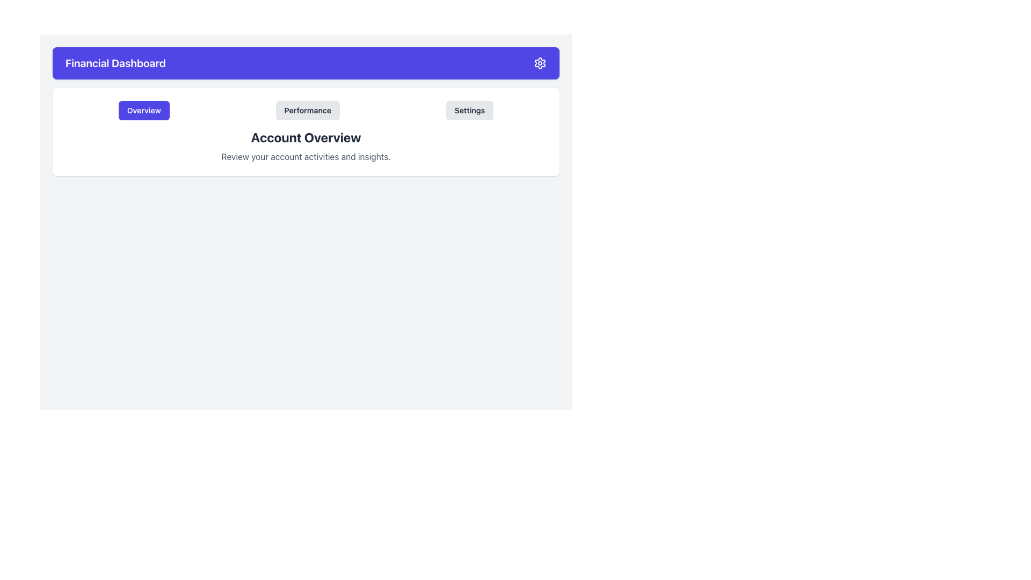 The width and height of the screenshot is (1031, 580). I want to click on text in the 'Account Overview' Text Block, which features prominently styled text and is located centrally below the buttons in the white panel of the Financial Dashboard, so click(306, 146).